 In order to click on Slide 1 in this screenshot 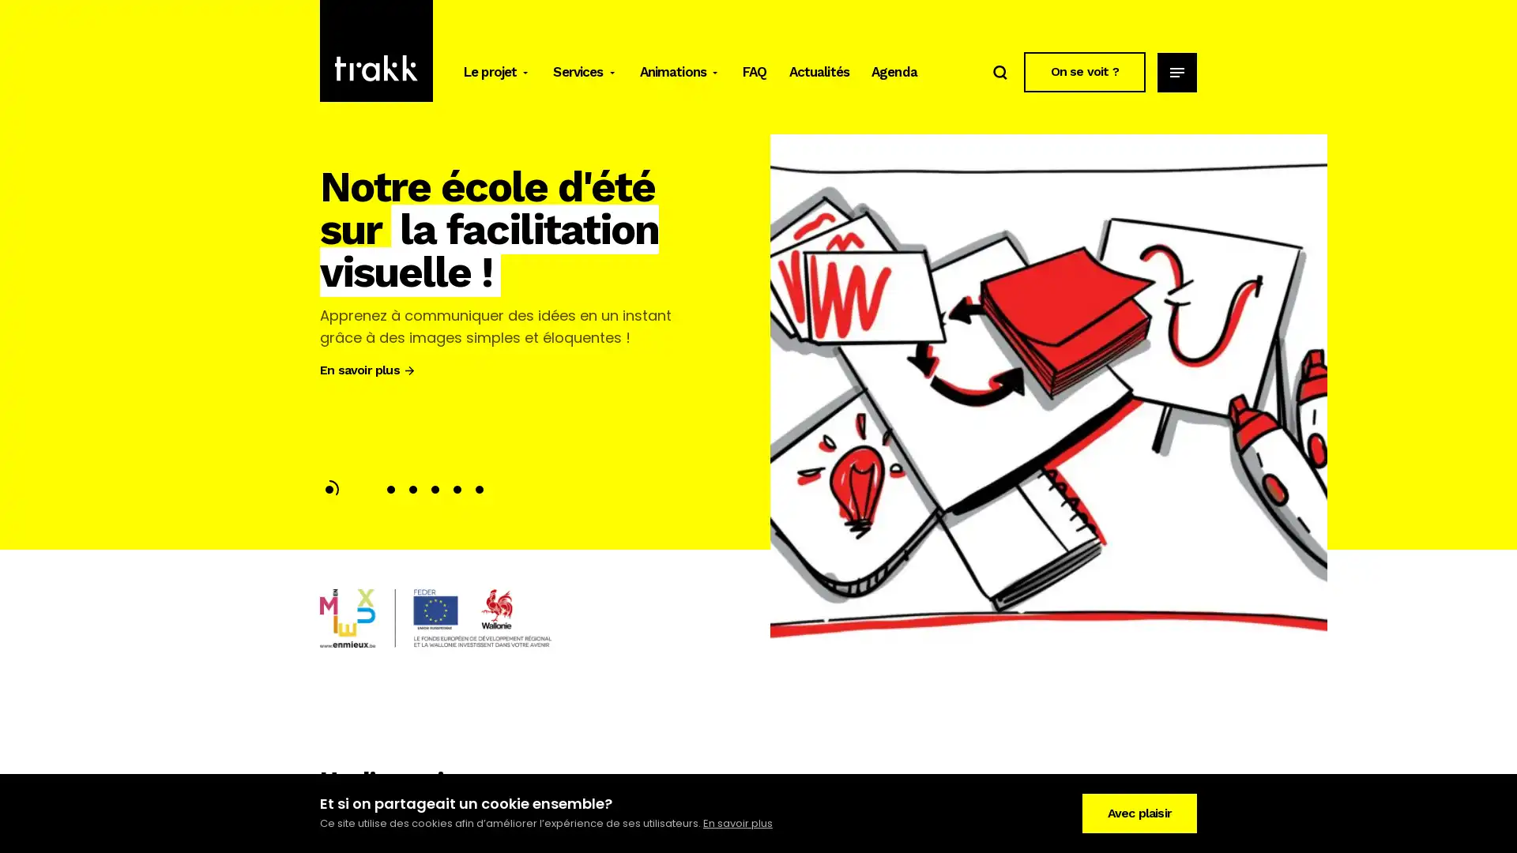, I will do `click(329, 489)`.